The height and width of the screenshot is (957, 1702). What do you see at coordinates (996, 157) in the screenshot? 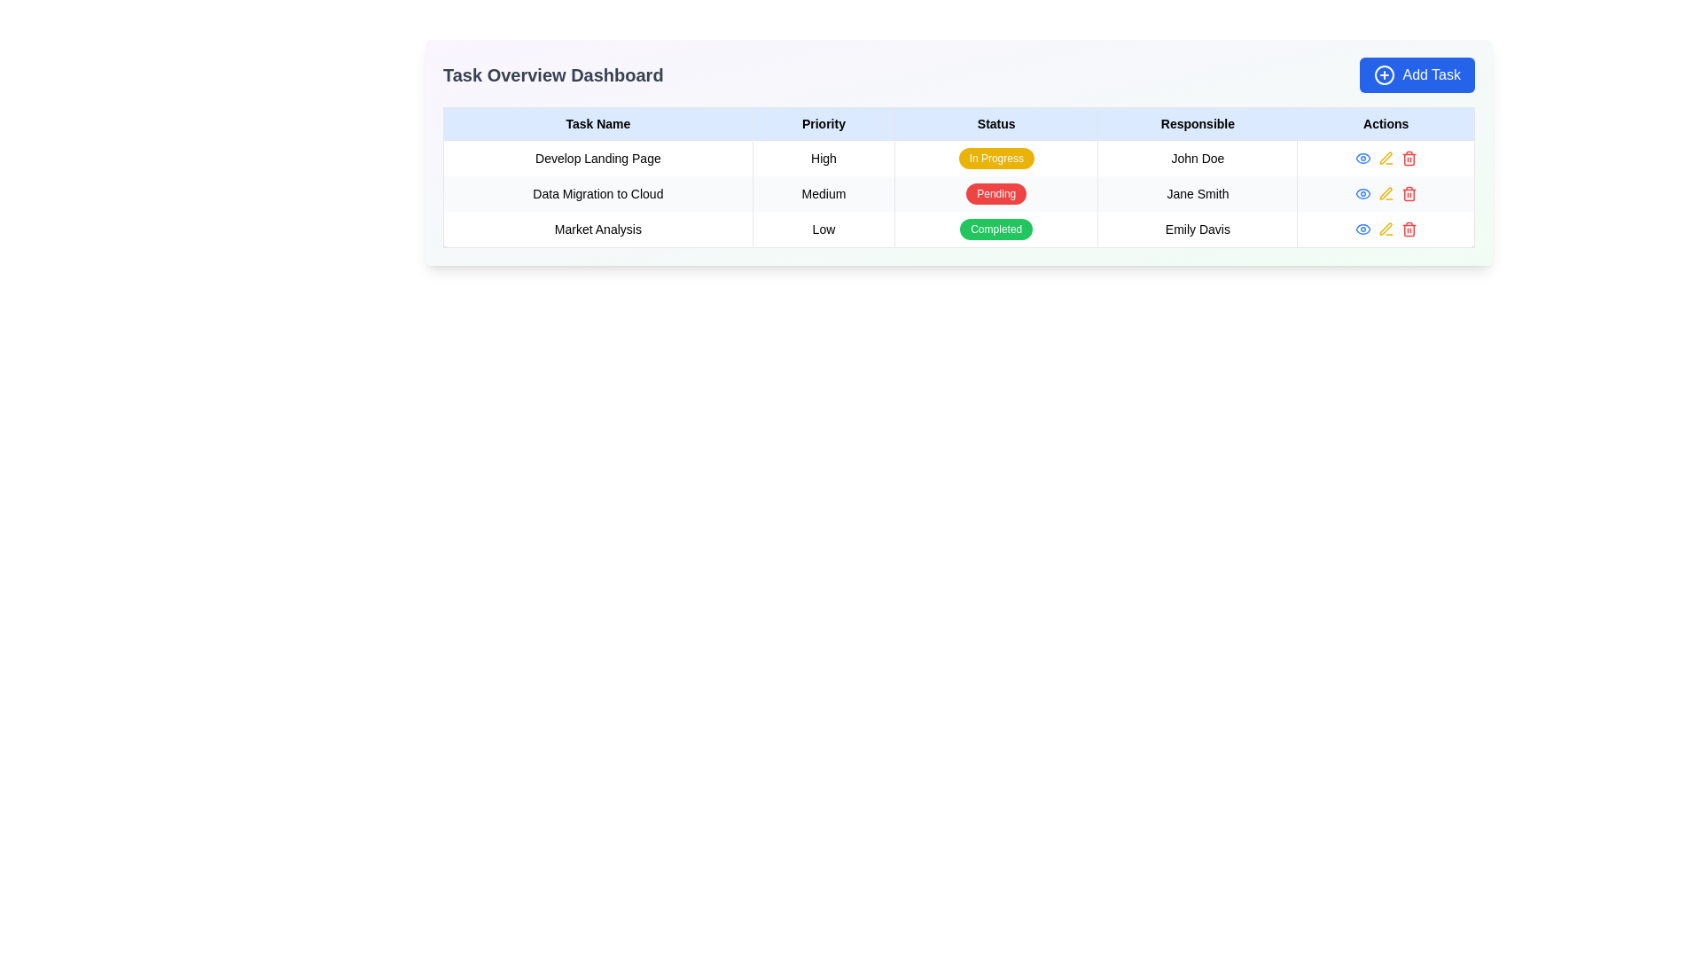
I see `properties of the 'In Progress' status label located in the 'Status' column of the task table for 'Develop Landing Page', positioned between 'Priority: High' and 'Responsible: John Doe'` at bounding box center [996, 157].